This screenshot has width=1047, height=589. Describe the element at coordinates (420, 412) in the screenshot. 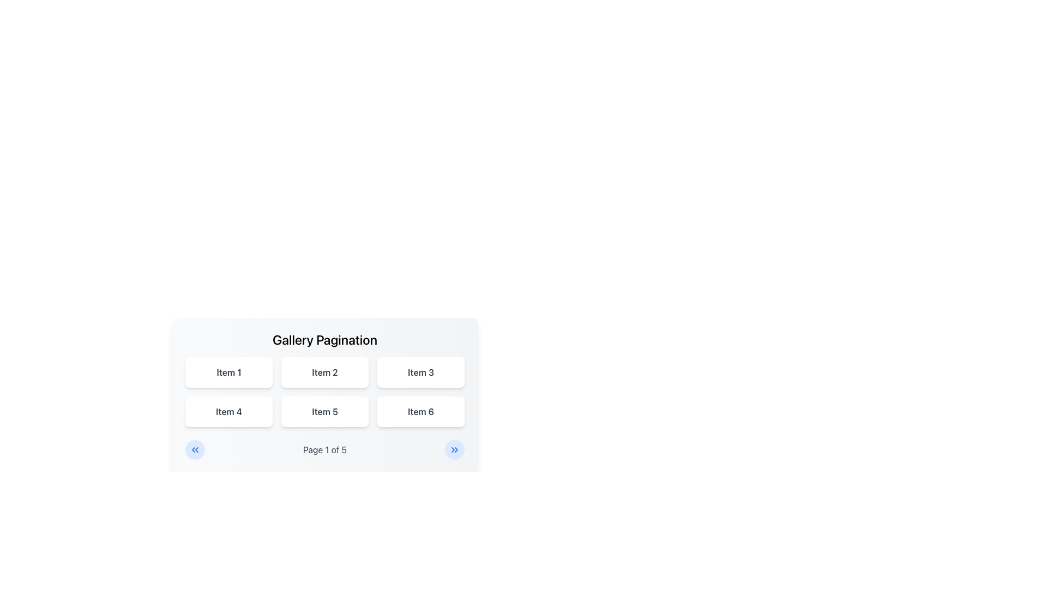

I see `the text label displaying 'Item 6', which is styled in dark gray and bold font, located in the second row, third column of a 3x2 grid layout` at that location.